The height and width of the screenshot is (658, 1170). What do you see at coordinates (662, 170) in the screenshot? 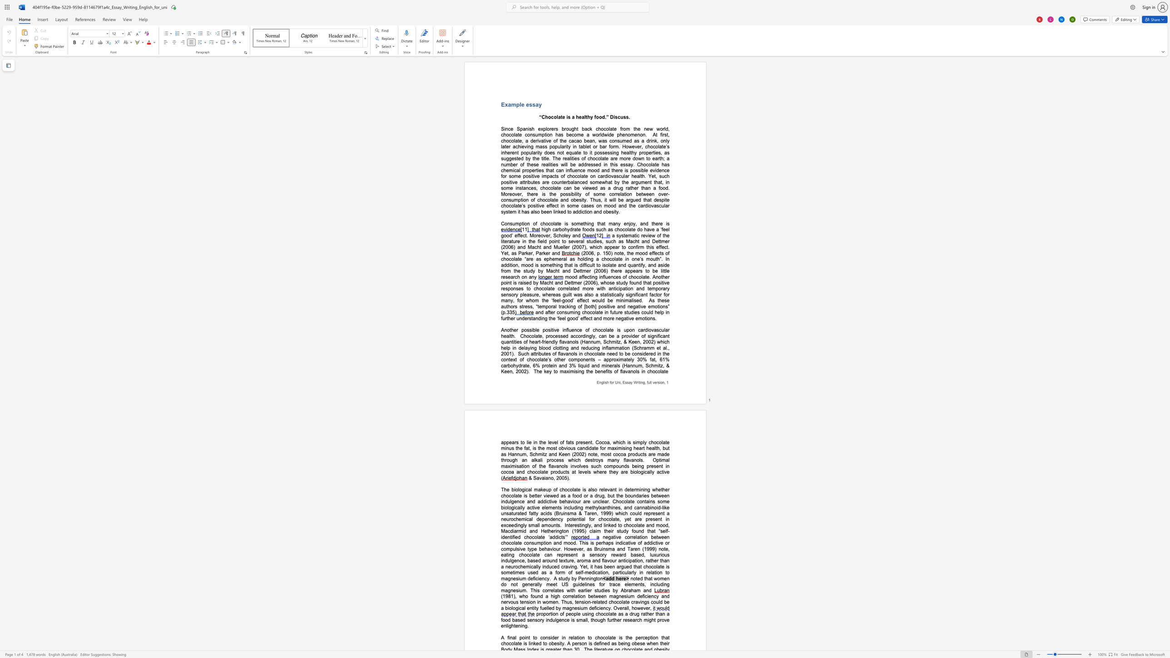
I see `the 1th character "n" in the text` at bounding box center [662, 170].